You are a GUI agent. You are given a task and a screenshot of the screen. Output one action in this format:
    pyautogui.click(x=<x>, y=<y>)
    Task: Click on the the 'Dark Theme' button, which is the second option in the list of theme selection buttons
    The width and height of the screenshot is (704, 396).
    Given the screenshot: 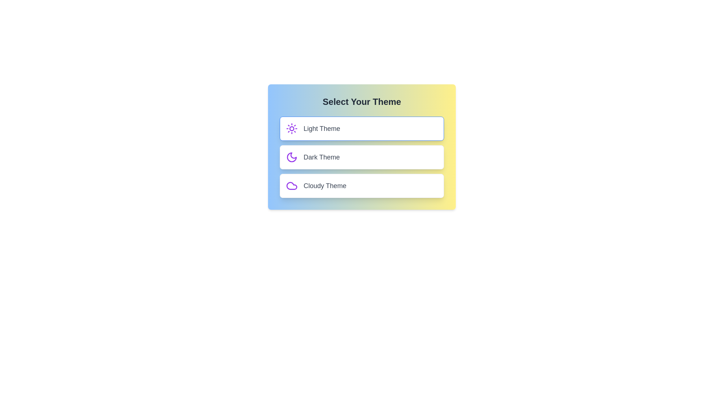 What is the action you would take?
    pyautogui.click(x=362, y=157)
    